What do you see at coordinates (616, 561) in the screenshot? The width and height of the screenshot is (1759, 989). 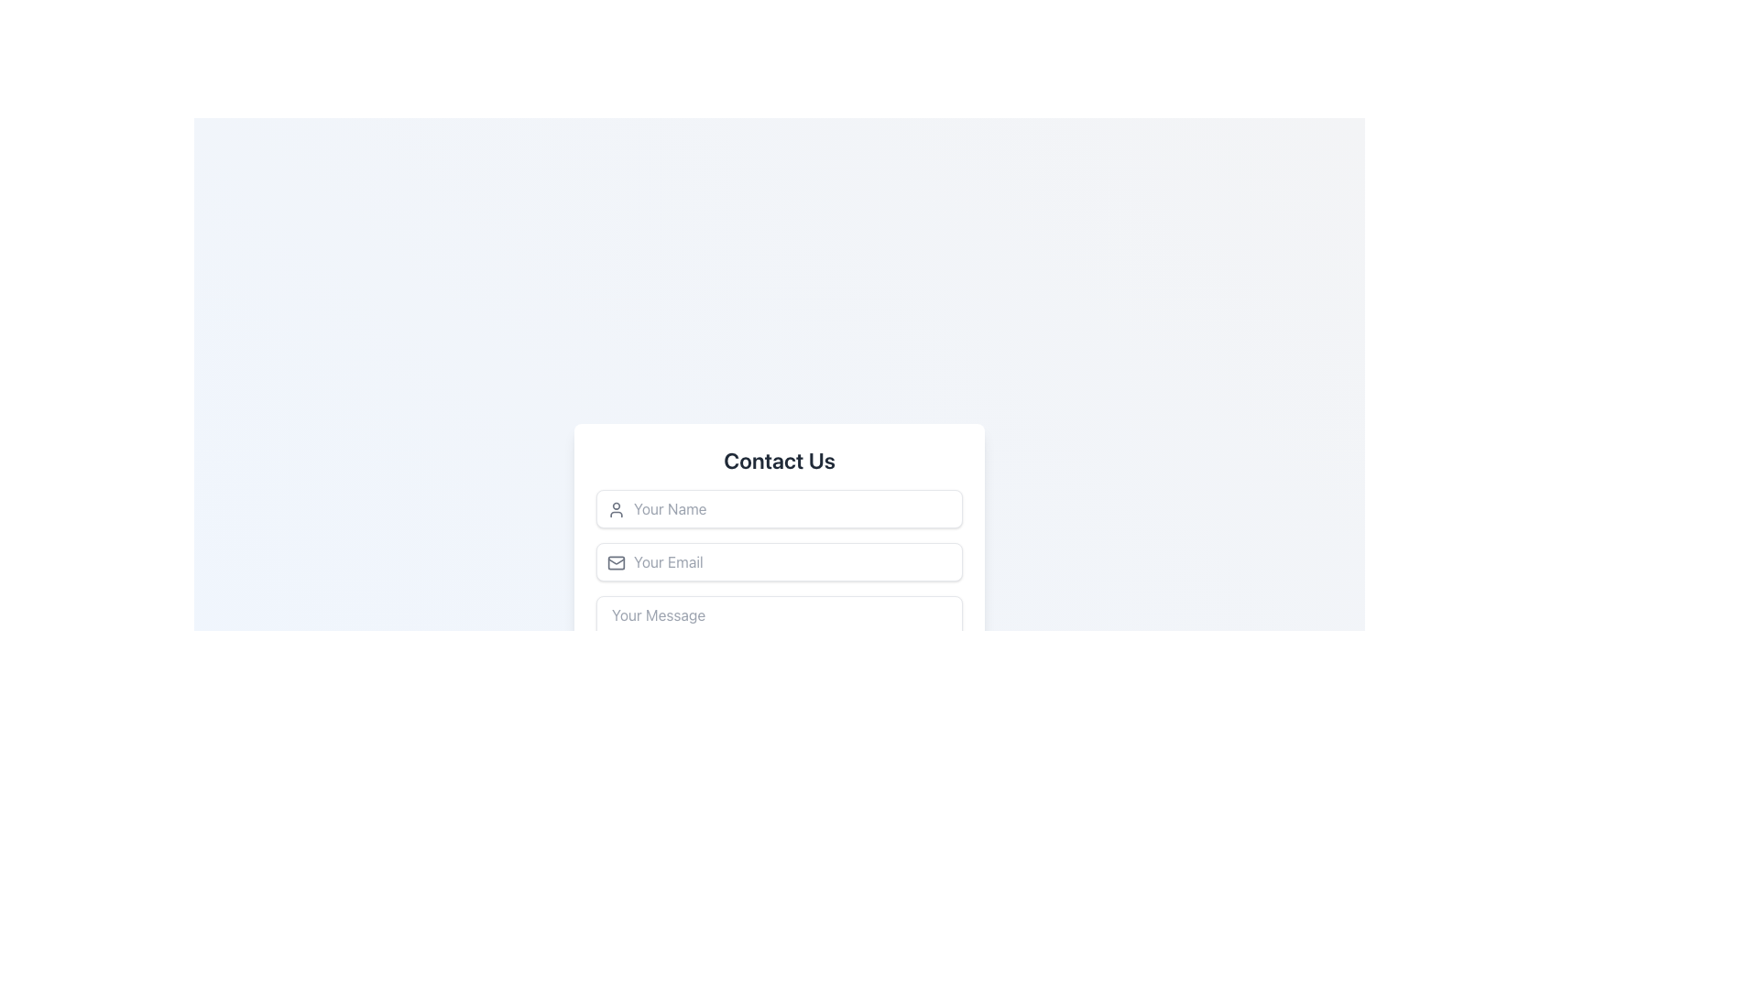 I see `the SVG icon located to the left of the 'Your Email' text input field, which visually indicates the purpose of the input field` at bounding box center [616, 561].